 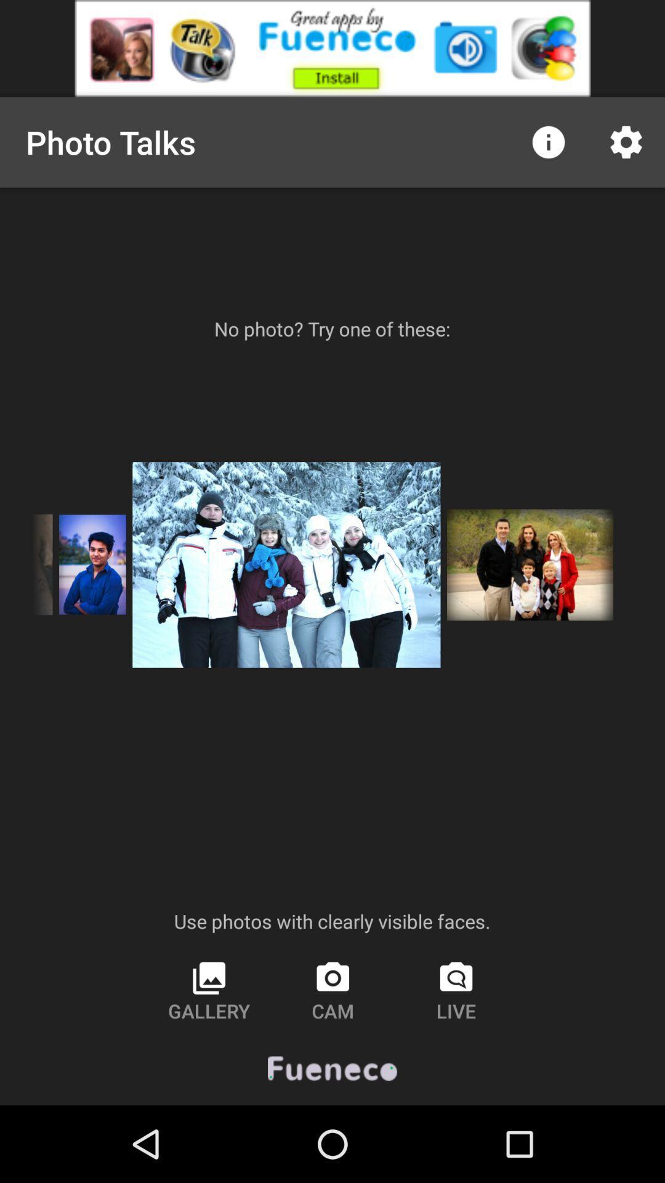 What do you see at coordinates (548, 142) in the screenshot?
I see `the information icon which is left side of settings` at bounding box center [548, 142].